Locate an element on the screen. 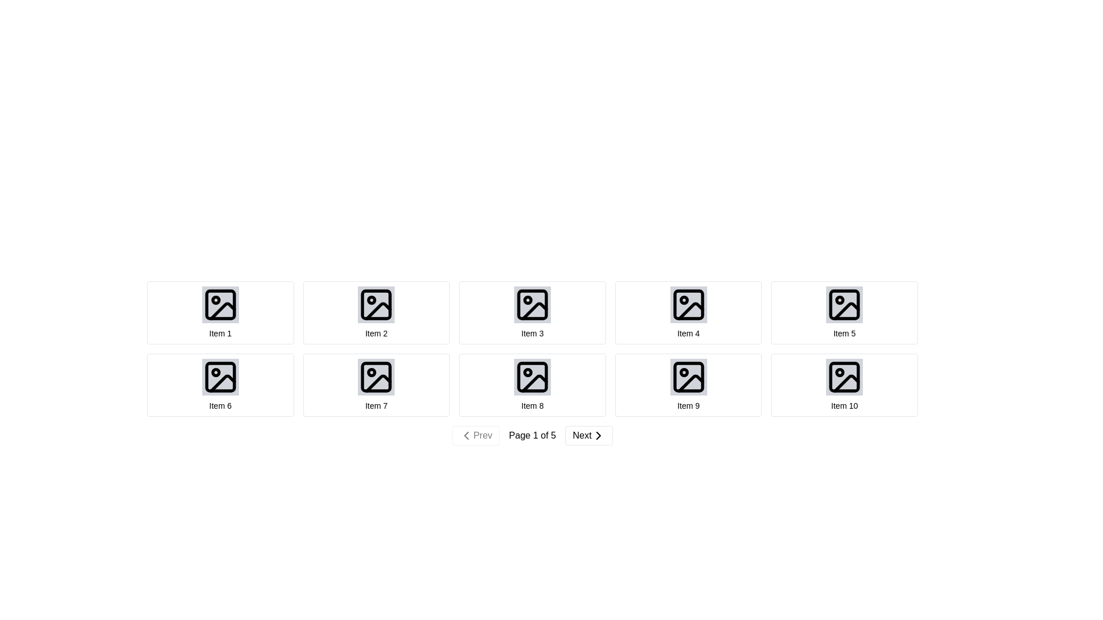 This screenshot has width=1103, height=620. the image placeholder icon with a rectangular outline and a diagonal line, located in the first column of the first row of a horizontally arranged grid is located at coordinates (220, 304).